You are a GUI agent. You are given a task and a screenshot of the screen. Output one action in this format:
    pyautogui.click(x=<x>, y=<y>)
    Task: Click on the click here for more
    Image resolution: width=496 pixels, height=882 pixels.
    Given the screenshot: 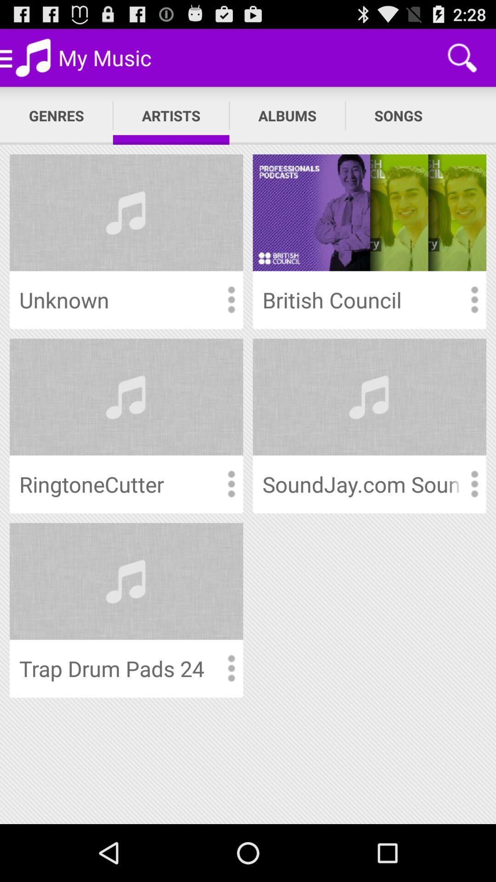 What is the action you would take?
    pyautogui.click(x=474, y=300)
    